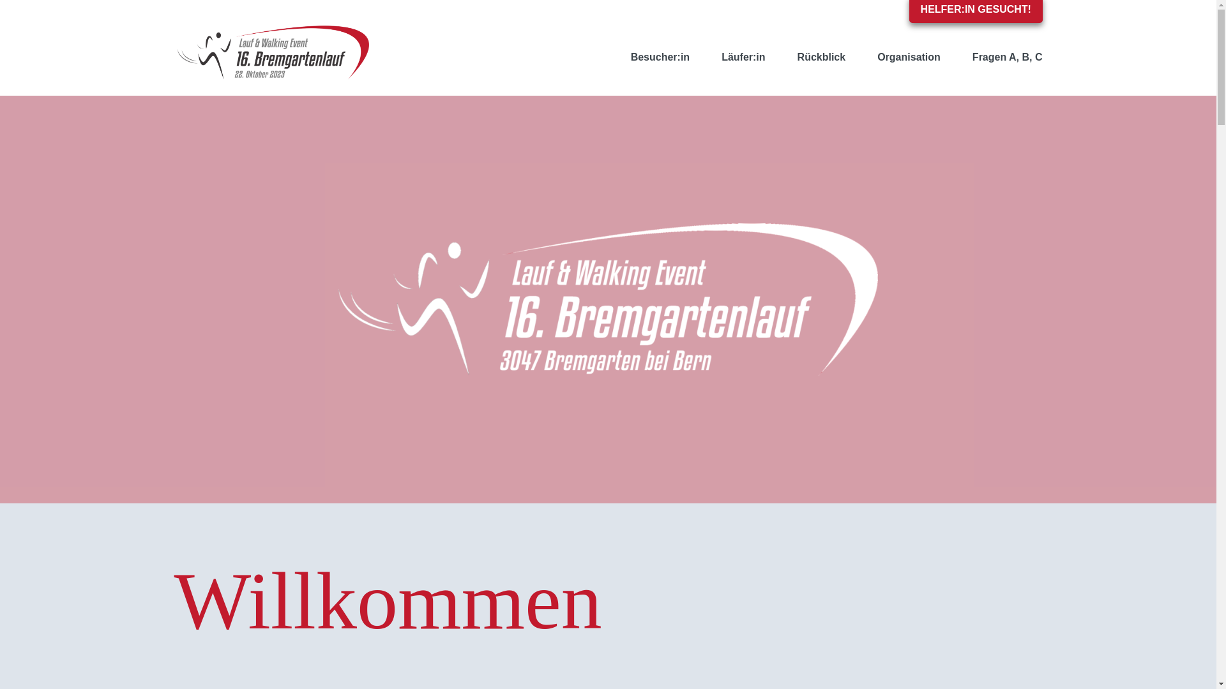  Describe the element at coordinates (956, 56) in the screenshot. I see `'Fragen A, B, C'` at that location.